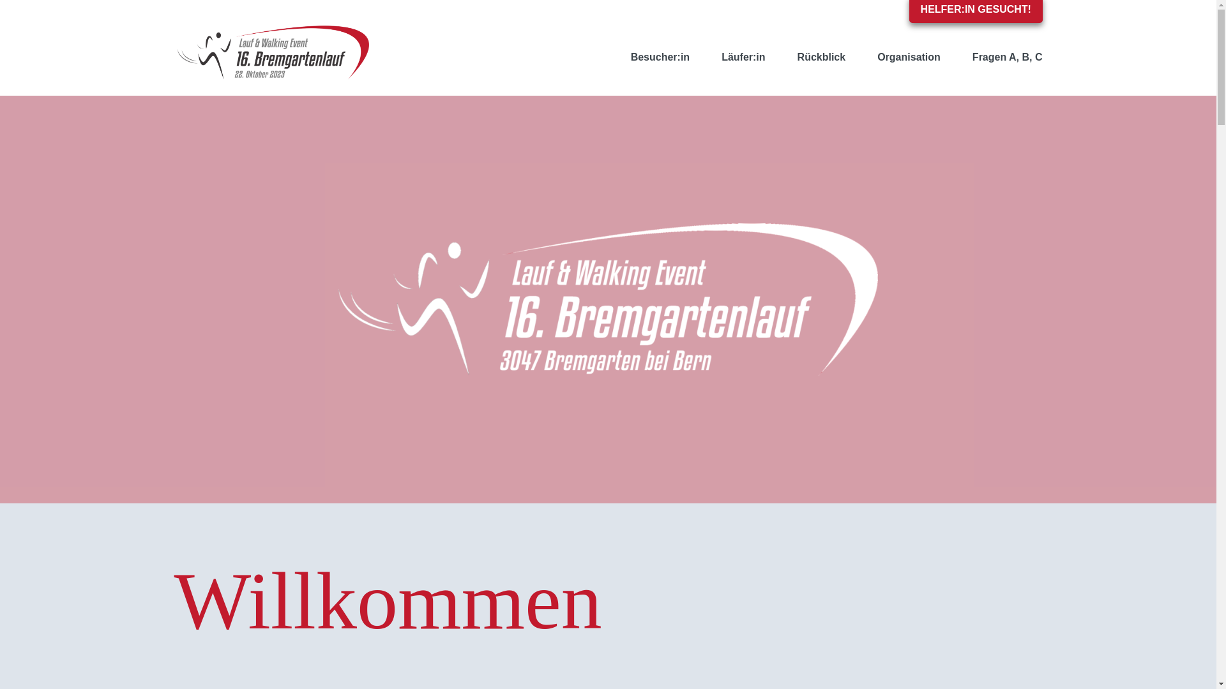  Describe the element at coordinates (956, 56) in the screenshot. I see `'Fragen A, B, C'` at that location.